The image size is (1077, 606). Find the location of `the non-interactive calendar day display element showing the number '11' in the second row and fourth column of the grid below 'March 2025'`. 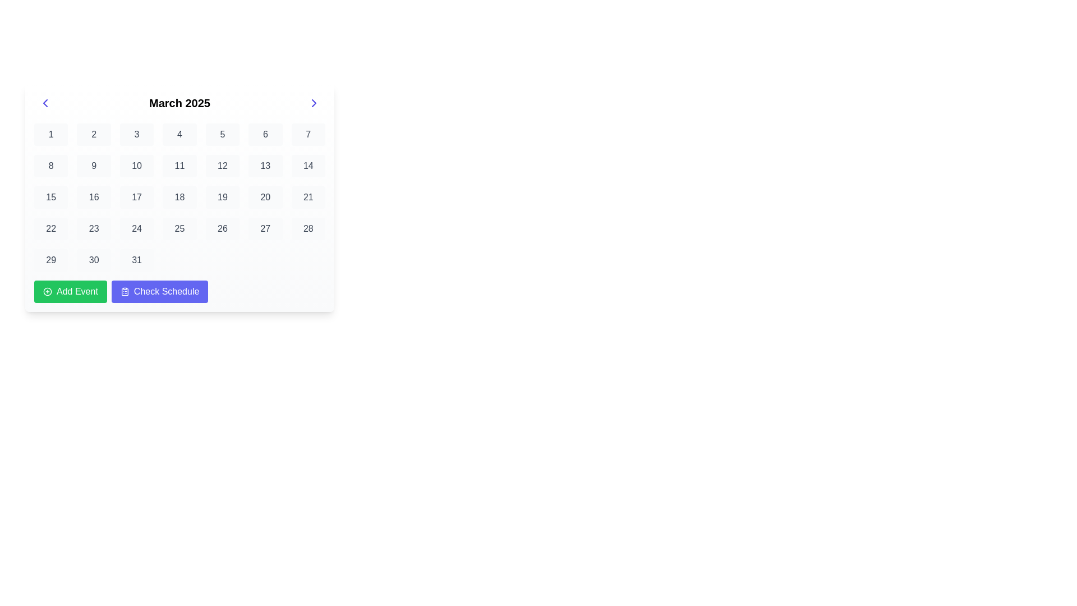

the non-interactive calendar day display element showing the number '11' in the second row and fourth column of the grid below 'March 2025' is located at coordinates (179, 166).